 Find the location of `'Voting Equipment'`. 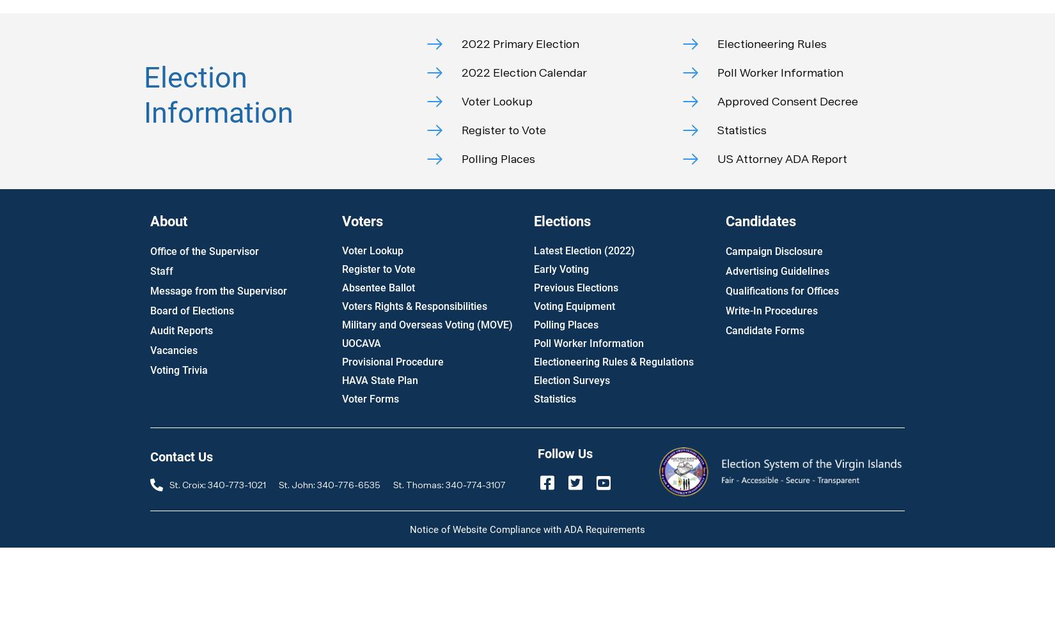

'Voting Equipment' is located at coordinates (574, 305).